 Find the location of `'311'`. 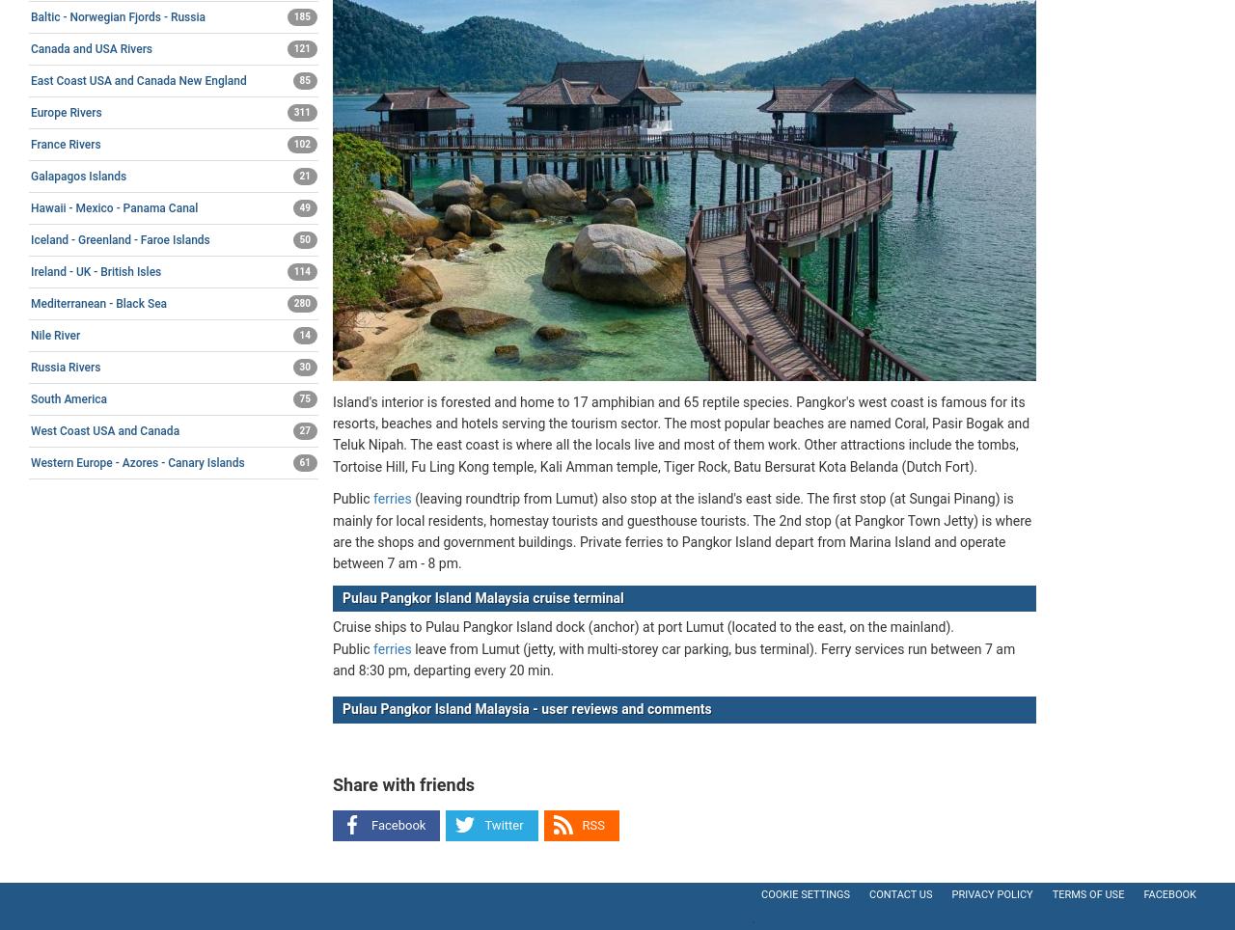

'311' is located at coordinates (300, 110).